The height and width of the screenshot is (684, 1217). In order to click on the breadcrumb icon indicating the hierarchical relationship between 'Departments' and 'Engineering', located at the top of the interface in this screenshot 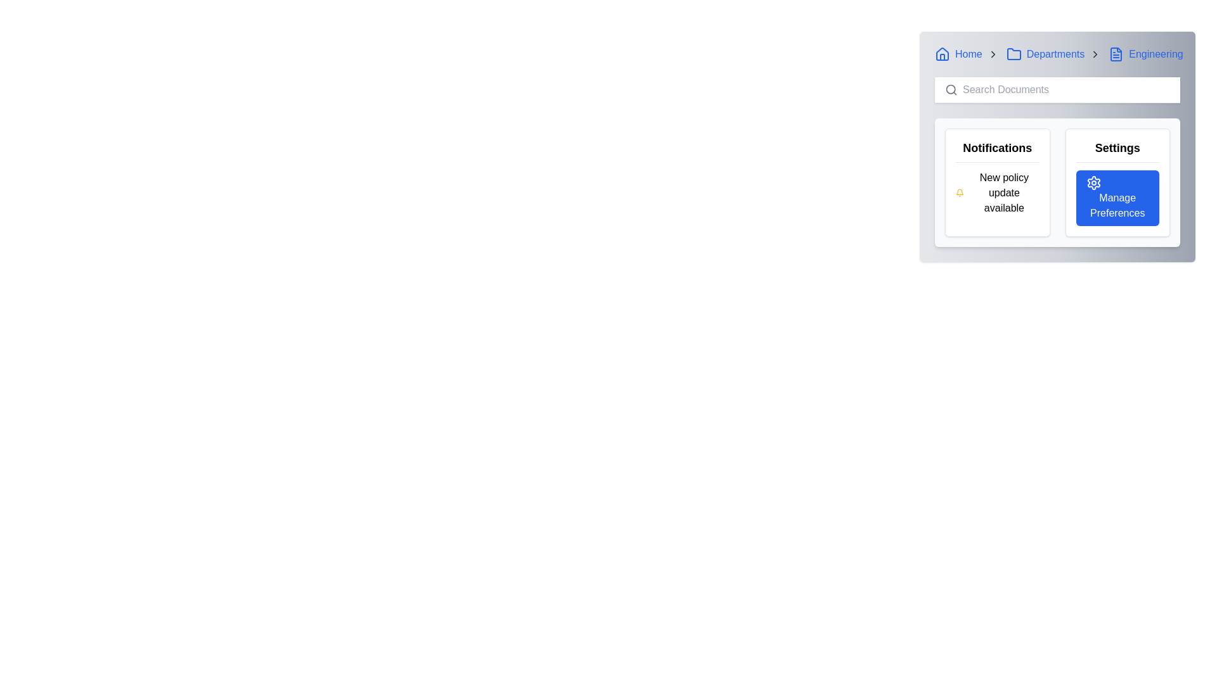, I will do `click(1095, 53)`.